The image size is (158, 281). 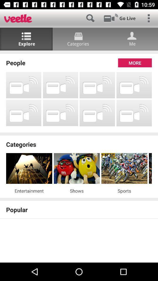 I want to click on the item at the bottom right corner, so click(x=124, y=190).